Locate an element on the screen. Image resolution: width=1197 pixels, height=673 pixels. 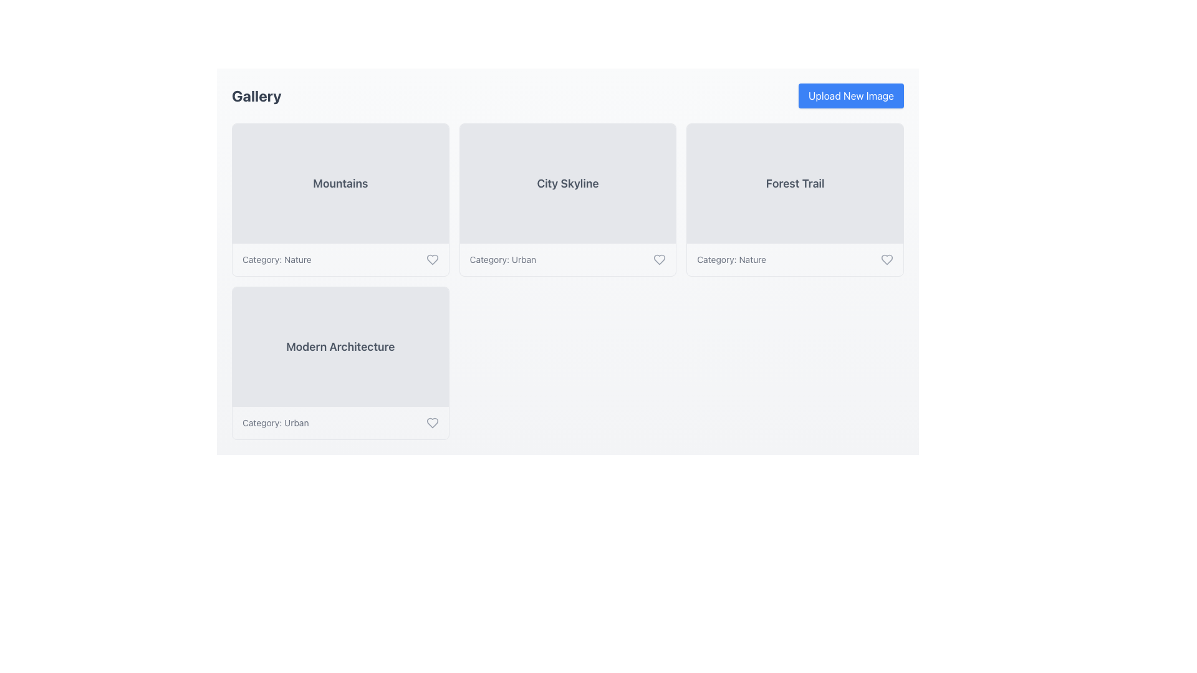
the category label located in the rightmost card of the second row, positioned towards the bottom and slightly left of the horizontal center, which is for informational purposes only is located at coordinates (731, 259).